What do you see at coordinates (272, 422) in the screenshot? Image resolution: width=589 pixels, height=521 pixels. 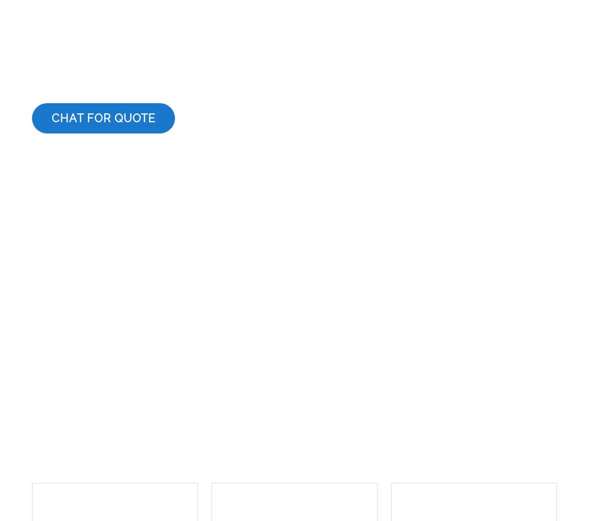 I see `'UK'` at bounding box center [272, 422].